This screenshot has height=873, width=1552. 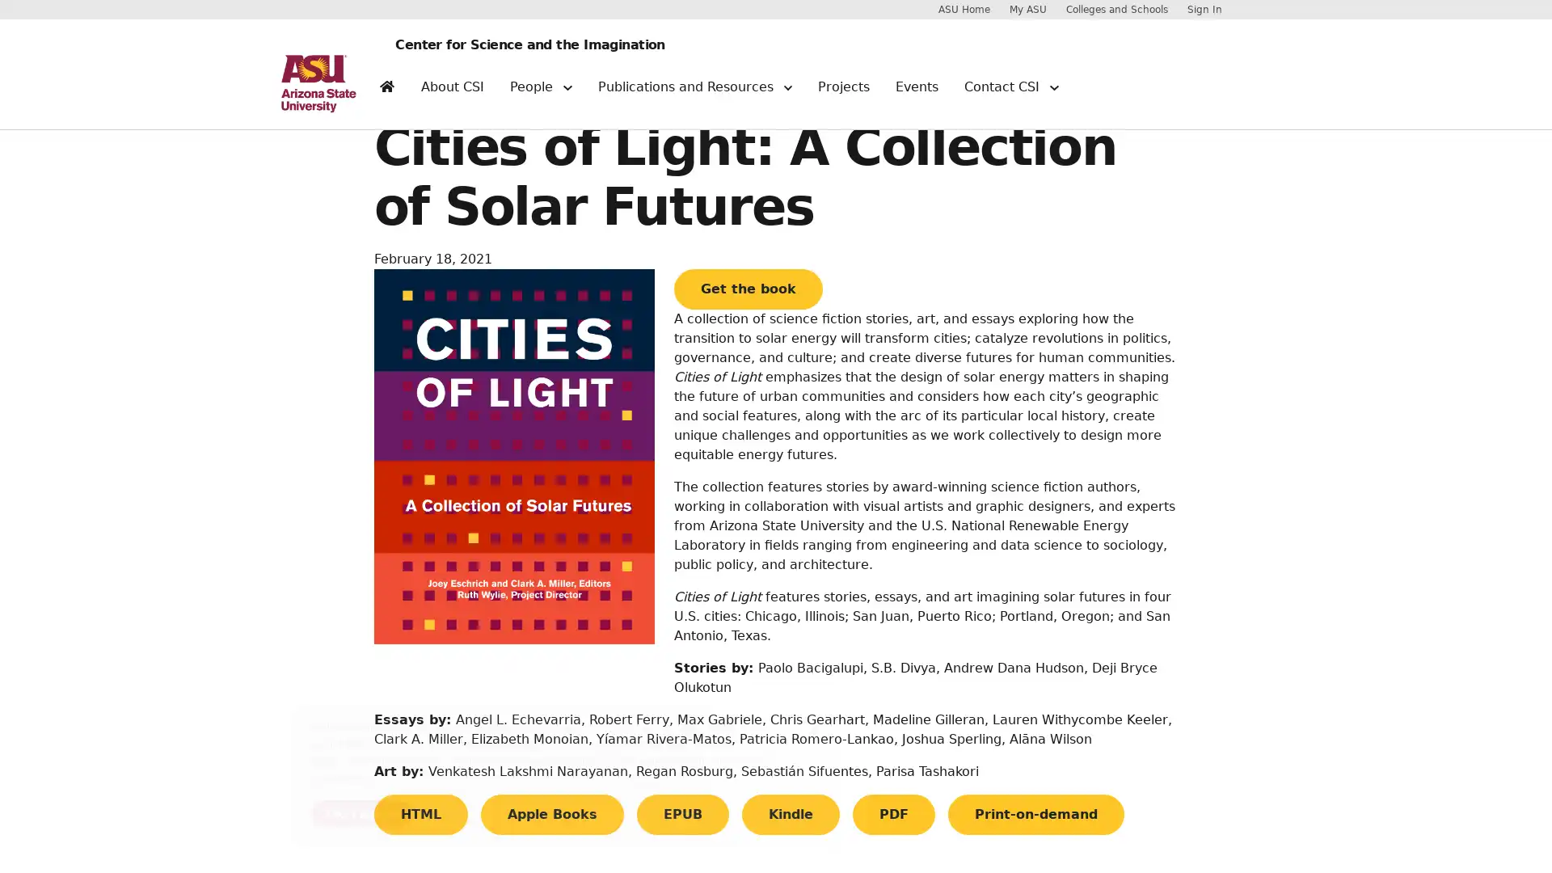 What do you see at coordinates (361, 813) in the screenshot?
I see `Accept cookies` at bounding box center [361, 813].